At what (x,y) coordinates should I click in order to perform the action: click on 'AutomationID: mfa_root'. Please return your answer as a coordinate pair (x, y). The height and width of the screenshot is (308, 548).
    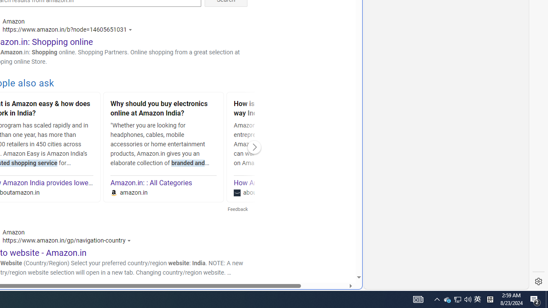
    Looking at the image, I should click on (326, 251).